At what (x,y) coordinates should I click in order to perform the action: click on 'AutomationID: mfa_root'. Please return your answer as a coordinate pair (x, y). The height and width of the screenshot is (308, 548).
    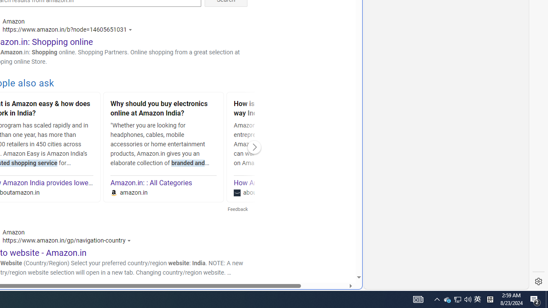
    Looking at the image, I should click on (326, 251).